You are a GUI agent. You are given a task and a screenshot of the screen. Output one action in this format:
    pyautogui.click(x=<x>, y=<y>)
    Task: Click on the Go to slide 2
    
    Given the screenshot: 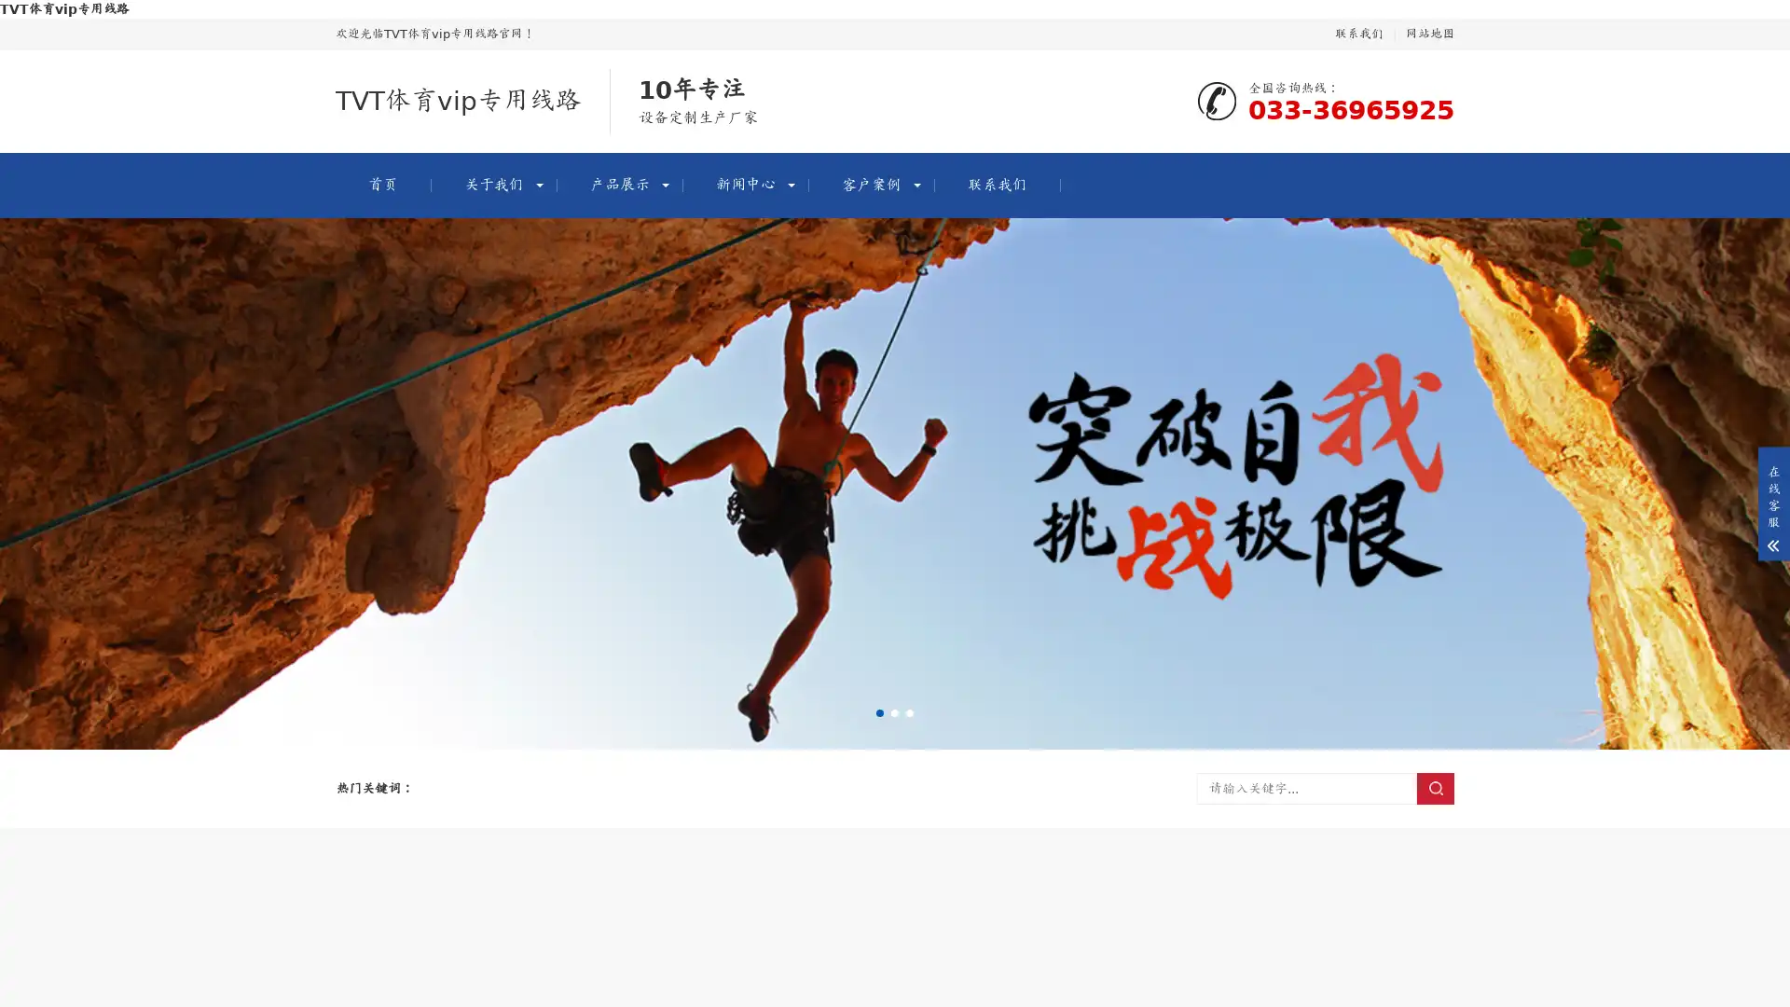 What is the action you would take?
    pyautogui.click(x=895, y=712)
    